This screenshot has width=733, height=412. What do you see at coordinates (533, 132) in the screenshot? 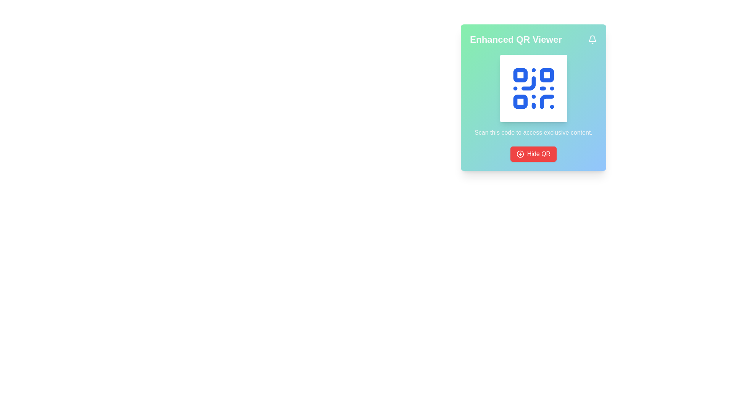
I see `the instructional text located at the bottom of the card, which is directly below the blue QR code icon and above the red button labeled 'Hide QR'` at bounding box center [533, 132].